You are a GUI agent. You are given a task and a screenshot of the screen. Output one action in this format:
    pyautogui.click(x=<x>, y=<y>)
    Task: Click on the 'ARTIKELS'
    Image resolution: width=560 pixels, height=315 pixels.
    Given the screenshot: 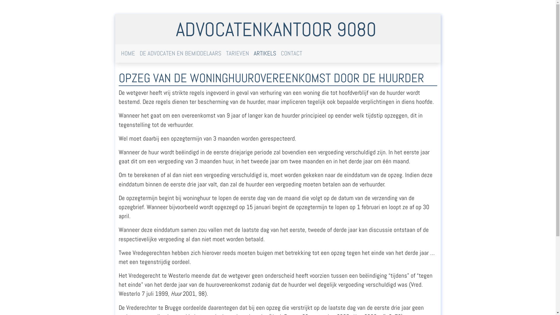 What is the action you would take?
    pyautogui.click(x=251, y=53)
    